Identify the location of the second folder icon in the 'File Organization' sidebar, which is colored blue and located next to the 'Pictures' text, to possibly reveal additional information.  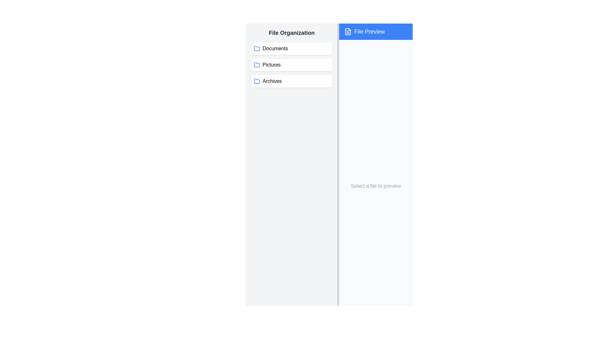
(257, 64).